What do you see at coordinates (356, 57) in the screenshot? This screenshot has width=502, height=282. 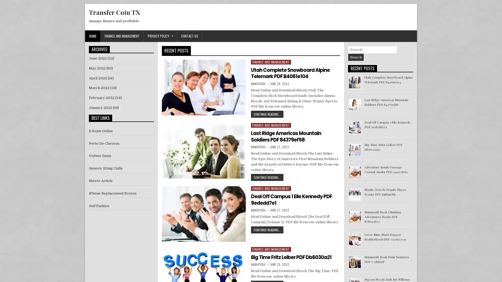 I see `Search` at bounding box center [356, 57].